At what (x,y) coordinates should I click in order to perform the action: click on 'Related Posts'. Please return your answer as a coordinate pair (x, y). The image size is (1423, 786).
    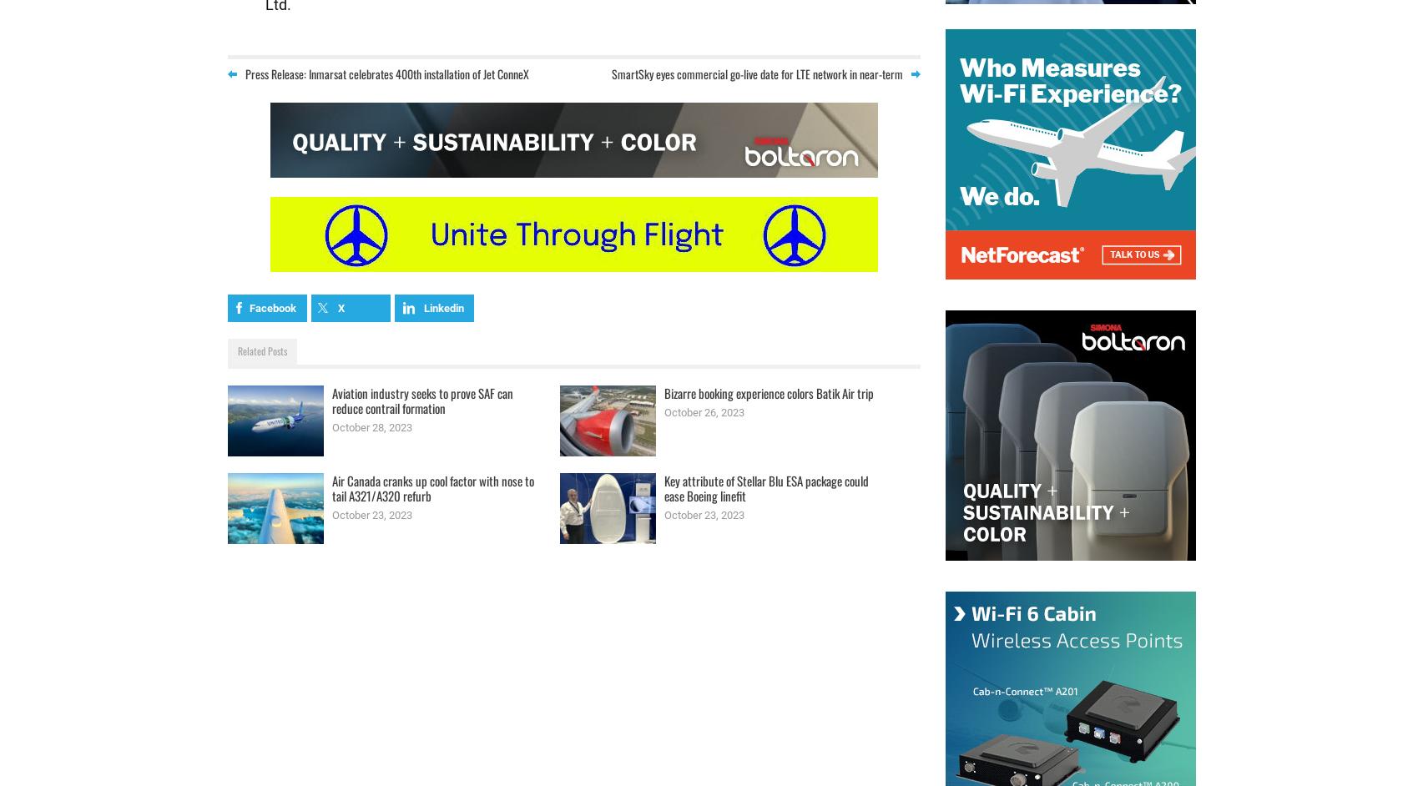
    Looking at the image, I should click on (260, 350).